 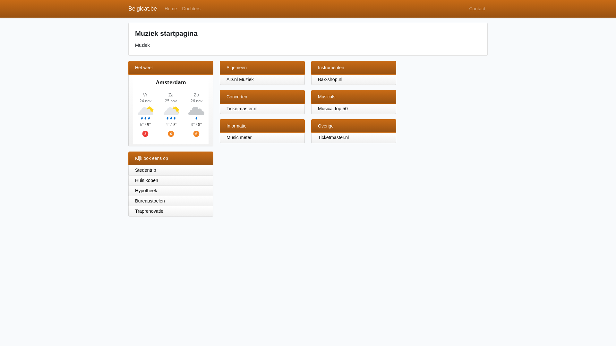 What do you see at coordinates (318, 108) in the screenshot?
I see `'Musical top 50'` at bounding box center [318, 108].